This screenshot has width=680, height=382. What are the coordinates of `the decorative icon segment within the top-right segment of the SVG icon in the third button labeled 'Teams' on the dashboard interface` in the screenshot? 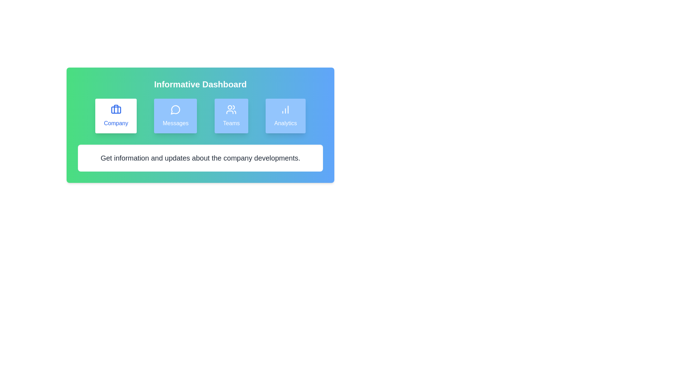 It's located at (234, 107).